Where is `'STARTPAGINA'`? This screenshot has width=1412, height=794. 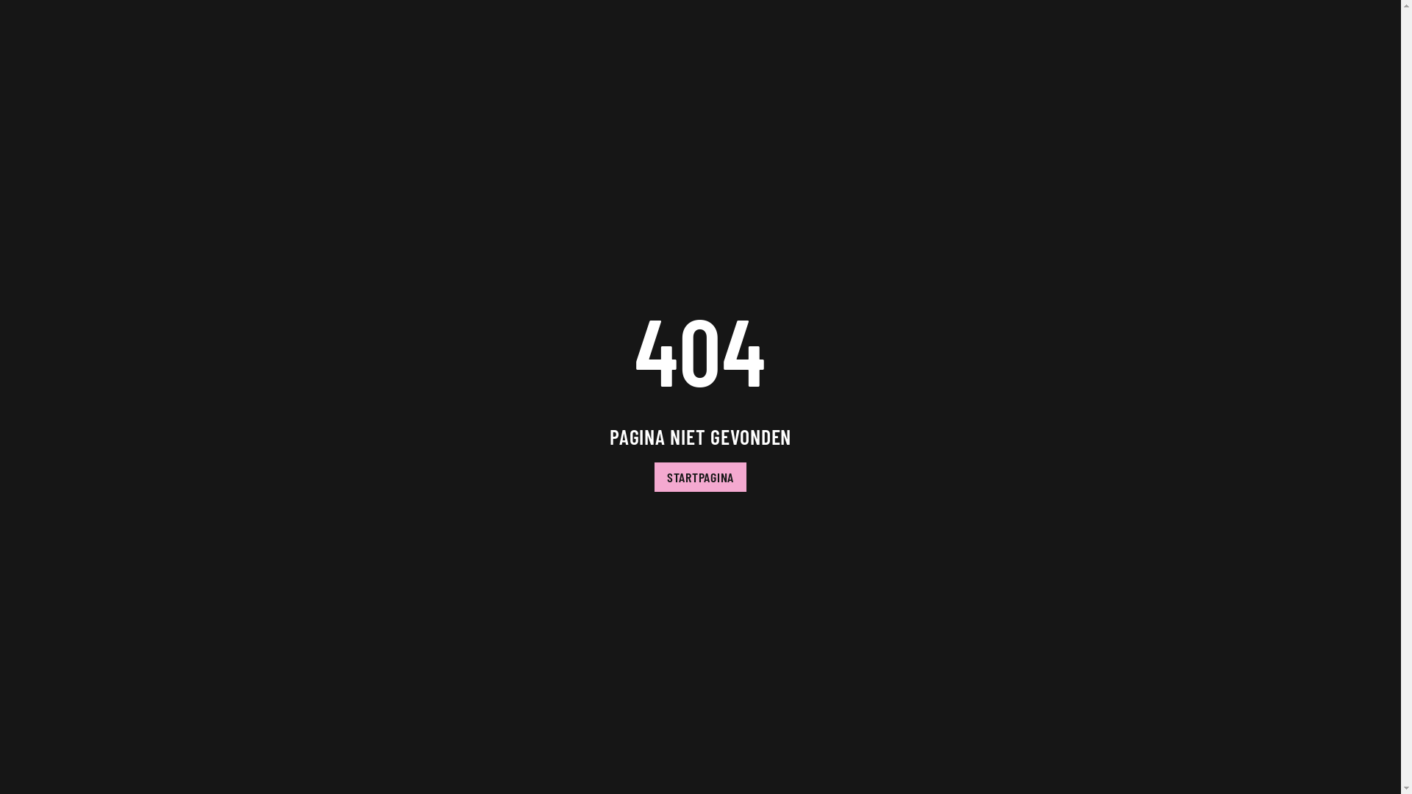
'STARTPAGINA' is located at coordinates (699, 476).